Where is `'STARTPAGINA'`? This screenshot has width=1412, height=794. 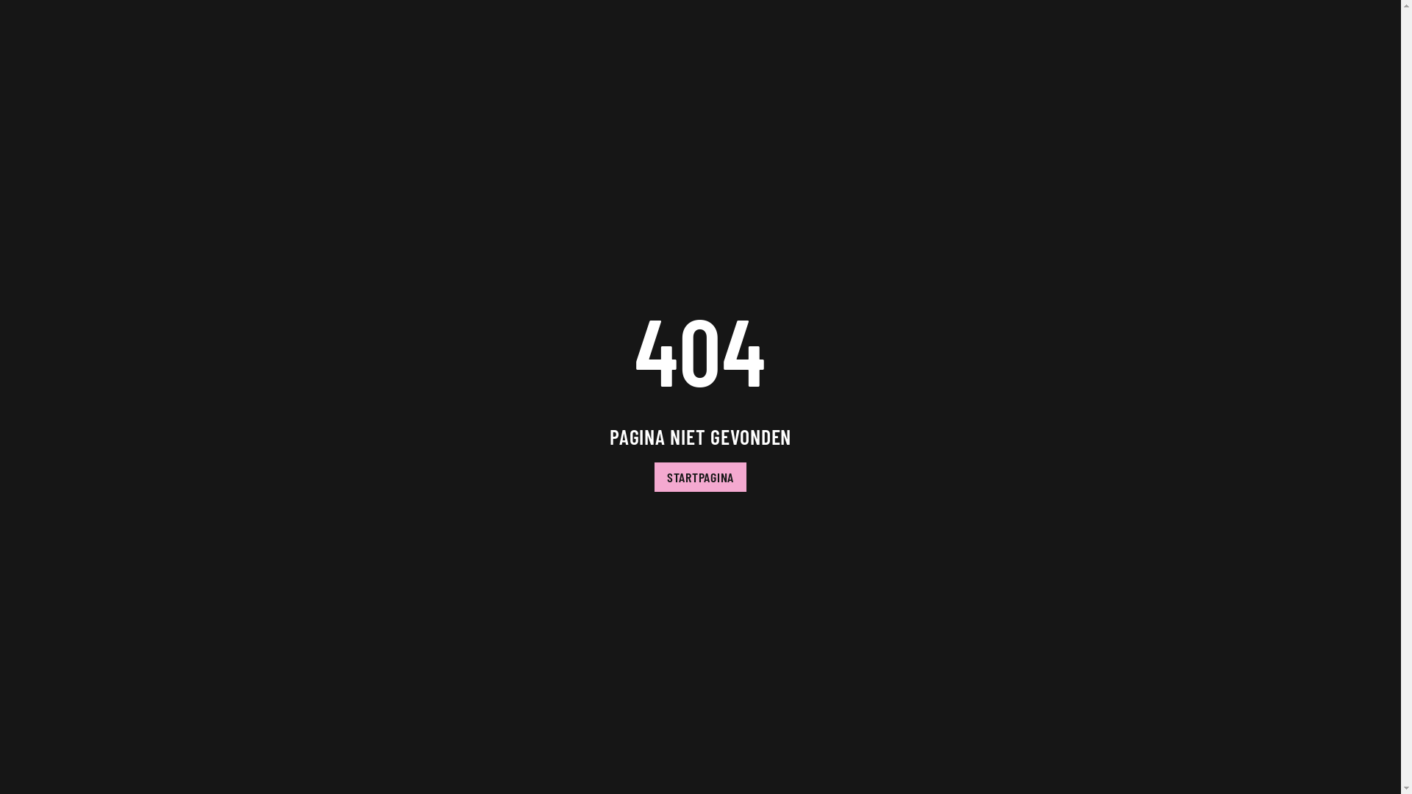
'STARTPAGINA' is located at coordinates (699, 476).